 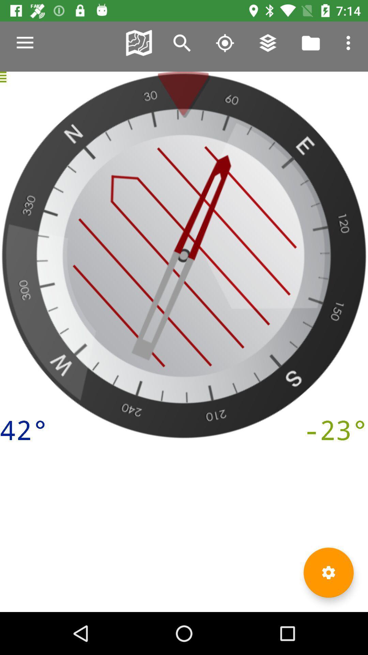 What do you see at coordinates (328, 572) in the screenshot?
I see `settings option` at bounding box center [328, 572].